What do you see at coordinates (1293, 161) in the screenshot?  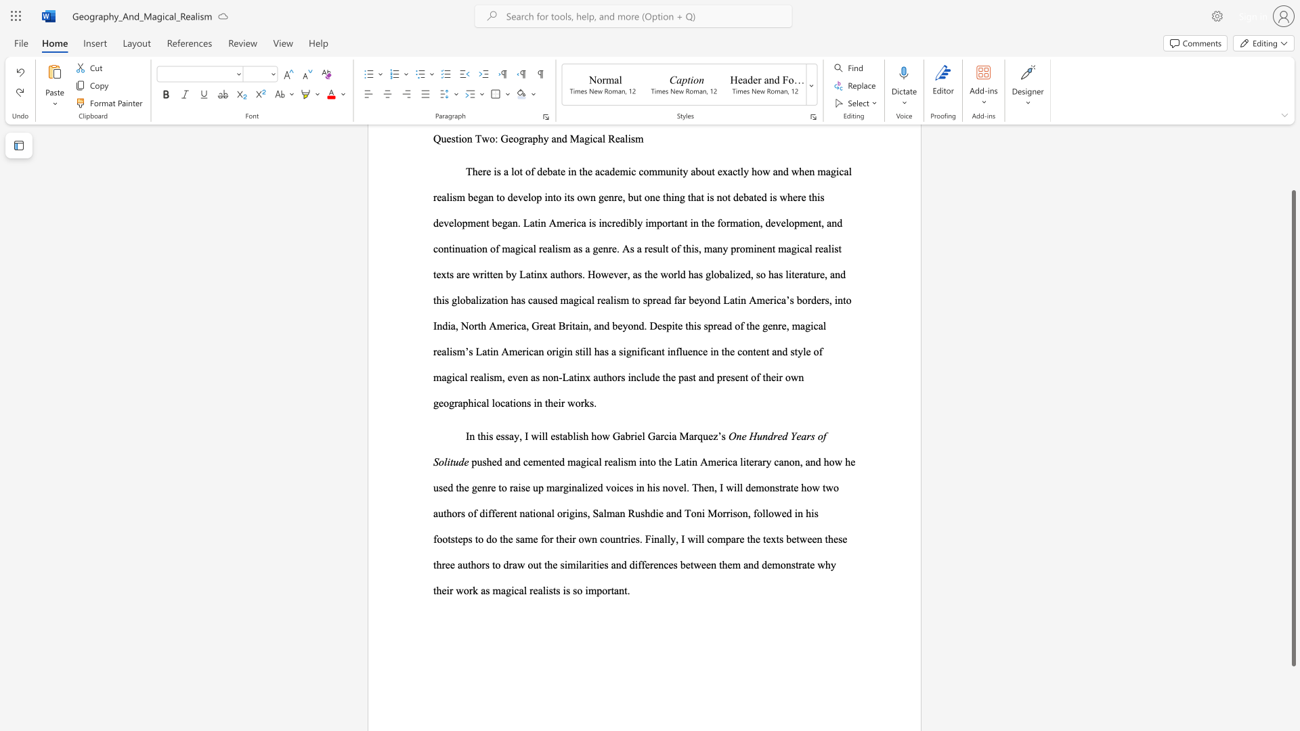 I see `the scrollbar to scroll the page up` at bounding box center [1293, 161].